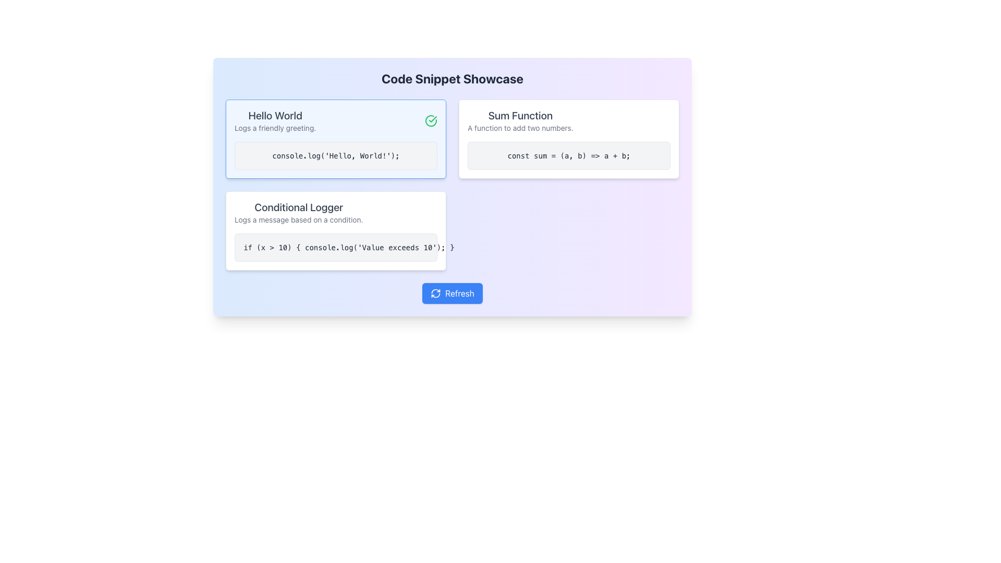 The width and height of the screenshot is (1001, 563). Describe the element at coordinates (433, 118) in the screenshot. I see `the green checkmark icon located in the top-right corner of the 'Hello World' header section` at that location.